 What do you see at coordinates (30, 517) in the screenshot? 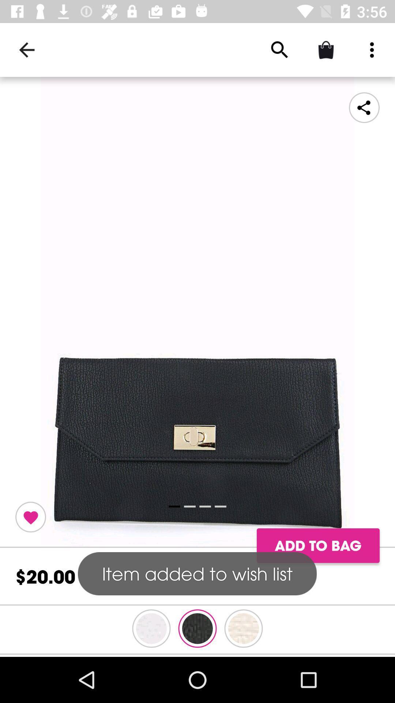
I see `the favorite icon` at bounding box center [30, 517].